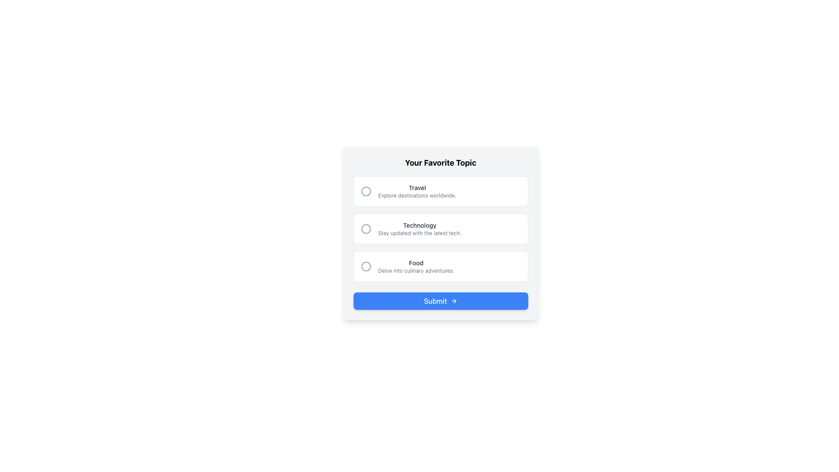 The image size is (839, 472). What do you see at coordinates (366, 266) in the screenshot?
I see `the center of the selection indicator icon located to the left of the 'Food' option in the vertical list of topics` at bounding box center [366, 266].